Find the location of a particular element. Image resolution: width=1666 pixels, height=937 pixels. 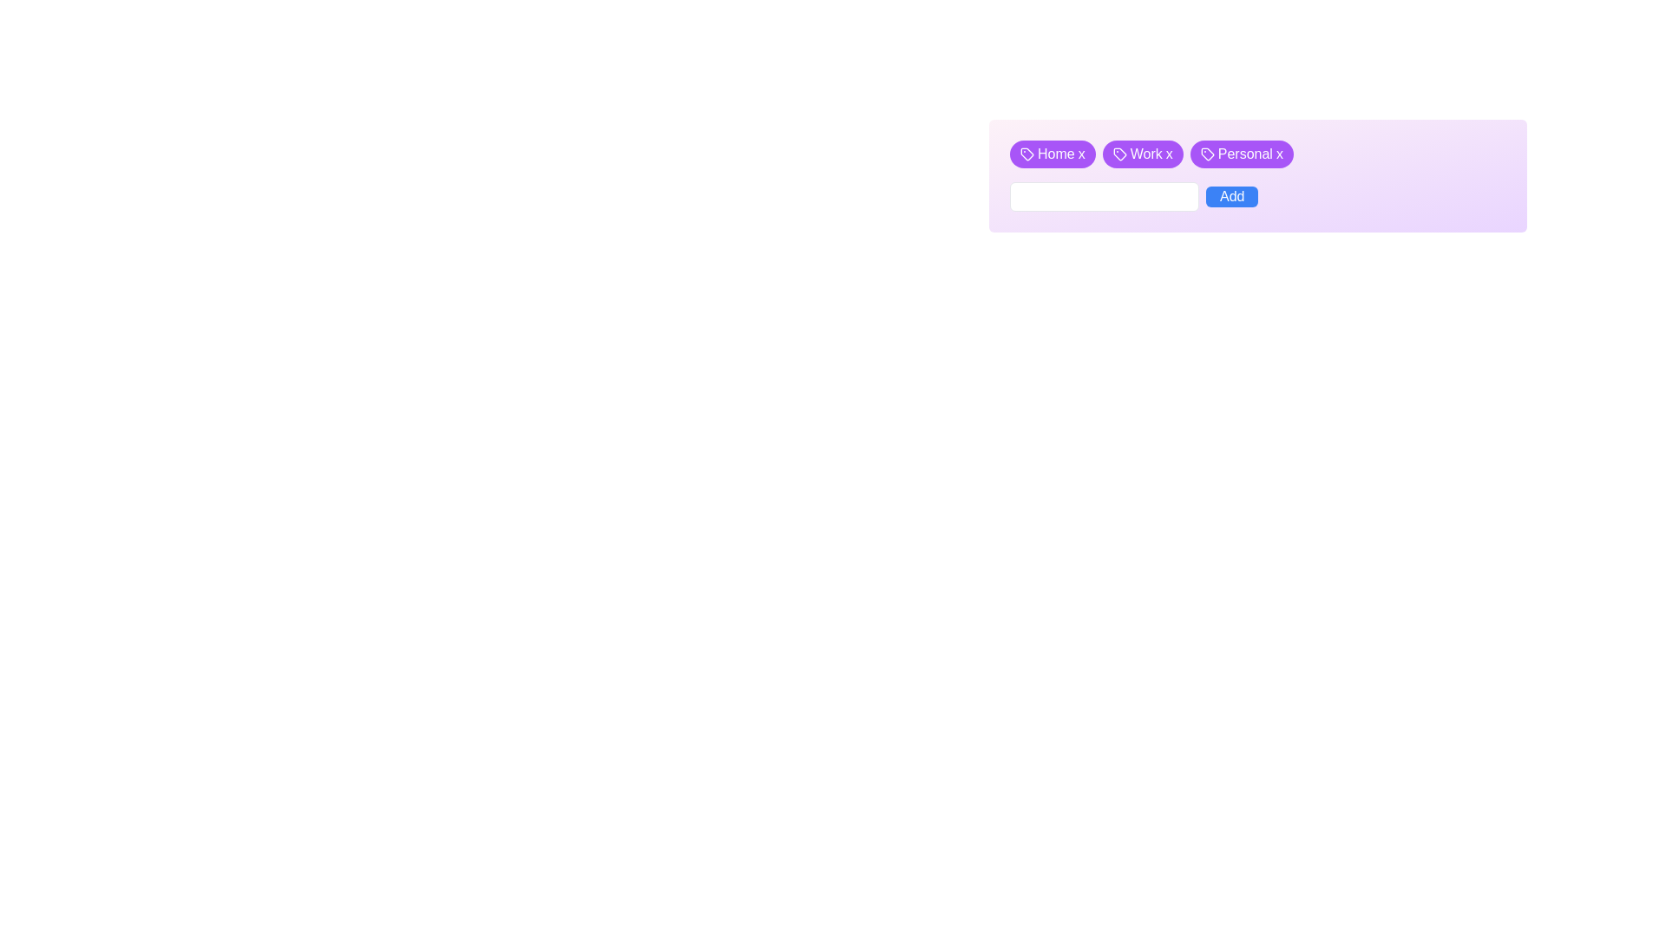

the 'Work' text label, which is the second tag from the left in a horizontal list of tags at the top of the UI, positioned between 'Home' and 'Personal' is located at coordinates (1146, 153).